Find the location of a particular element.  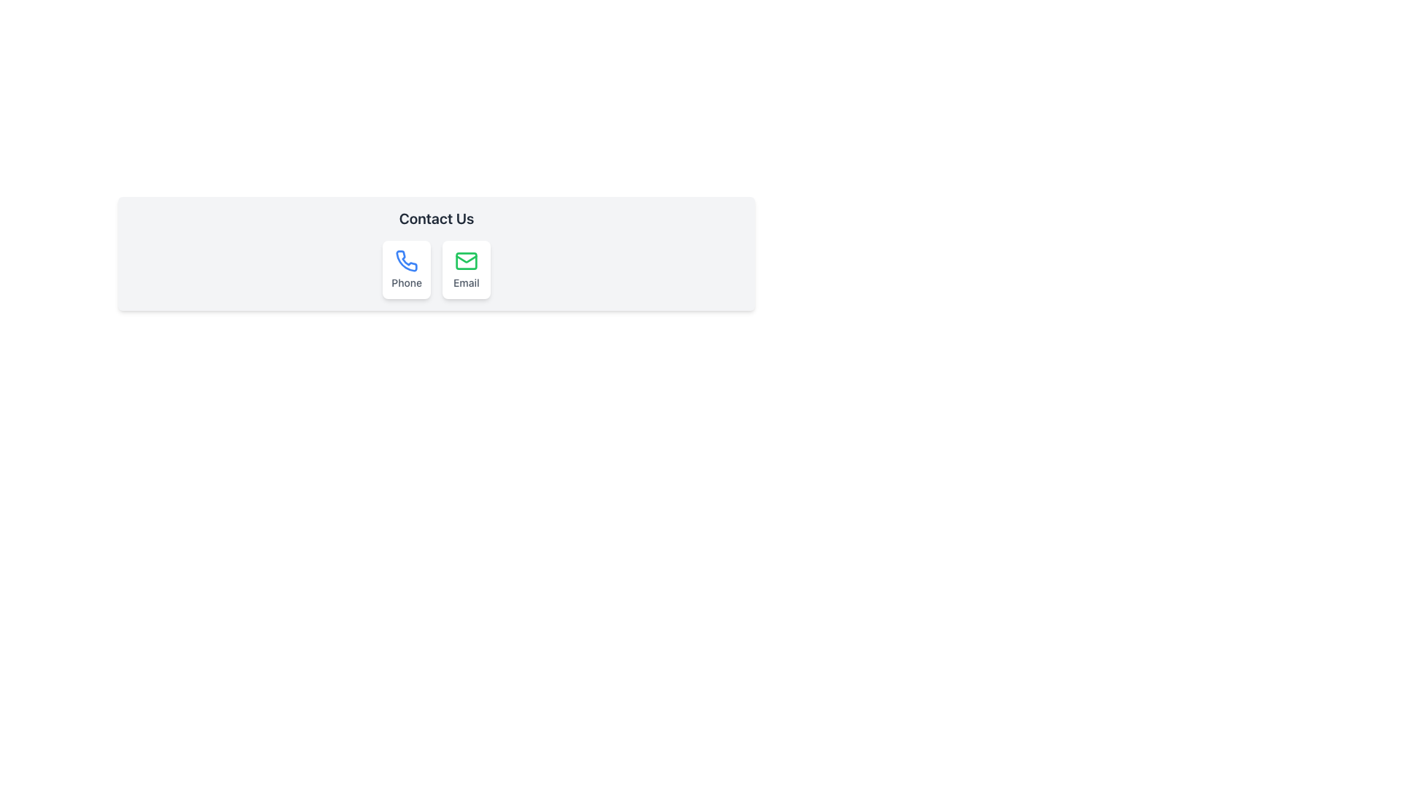

text of the 'Email' label located in the 'Contact Us' section, which is positioned directly below the green envelope icon is located at coordinates (465, 283).